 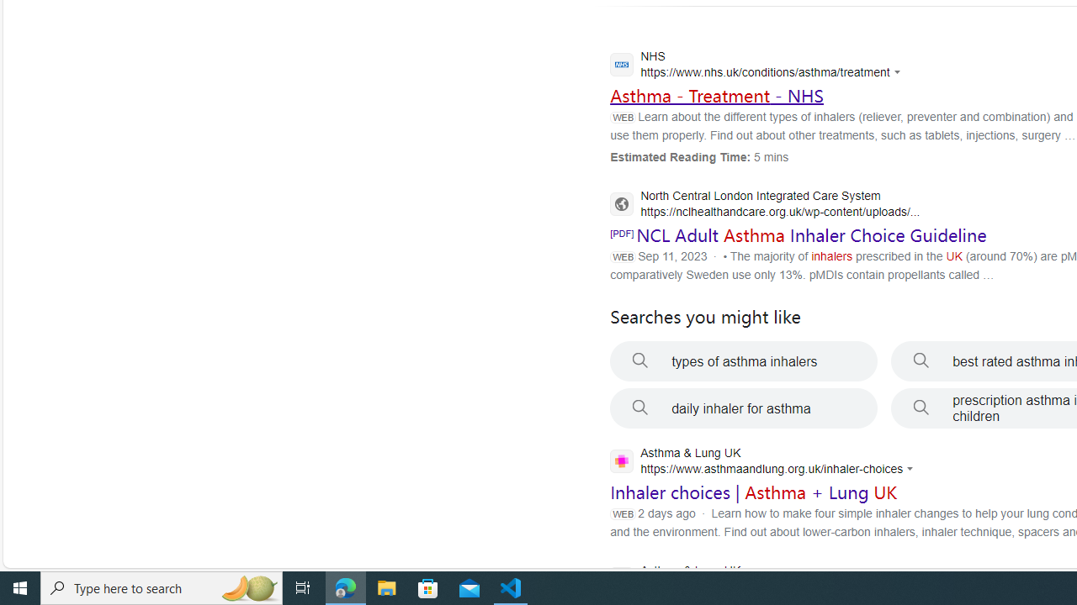 I want to click on 'Global web icon', so click(x=621, y=461).